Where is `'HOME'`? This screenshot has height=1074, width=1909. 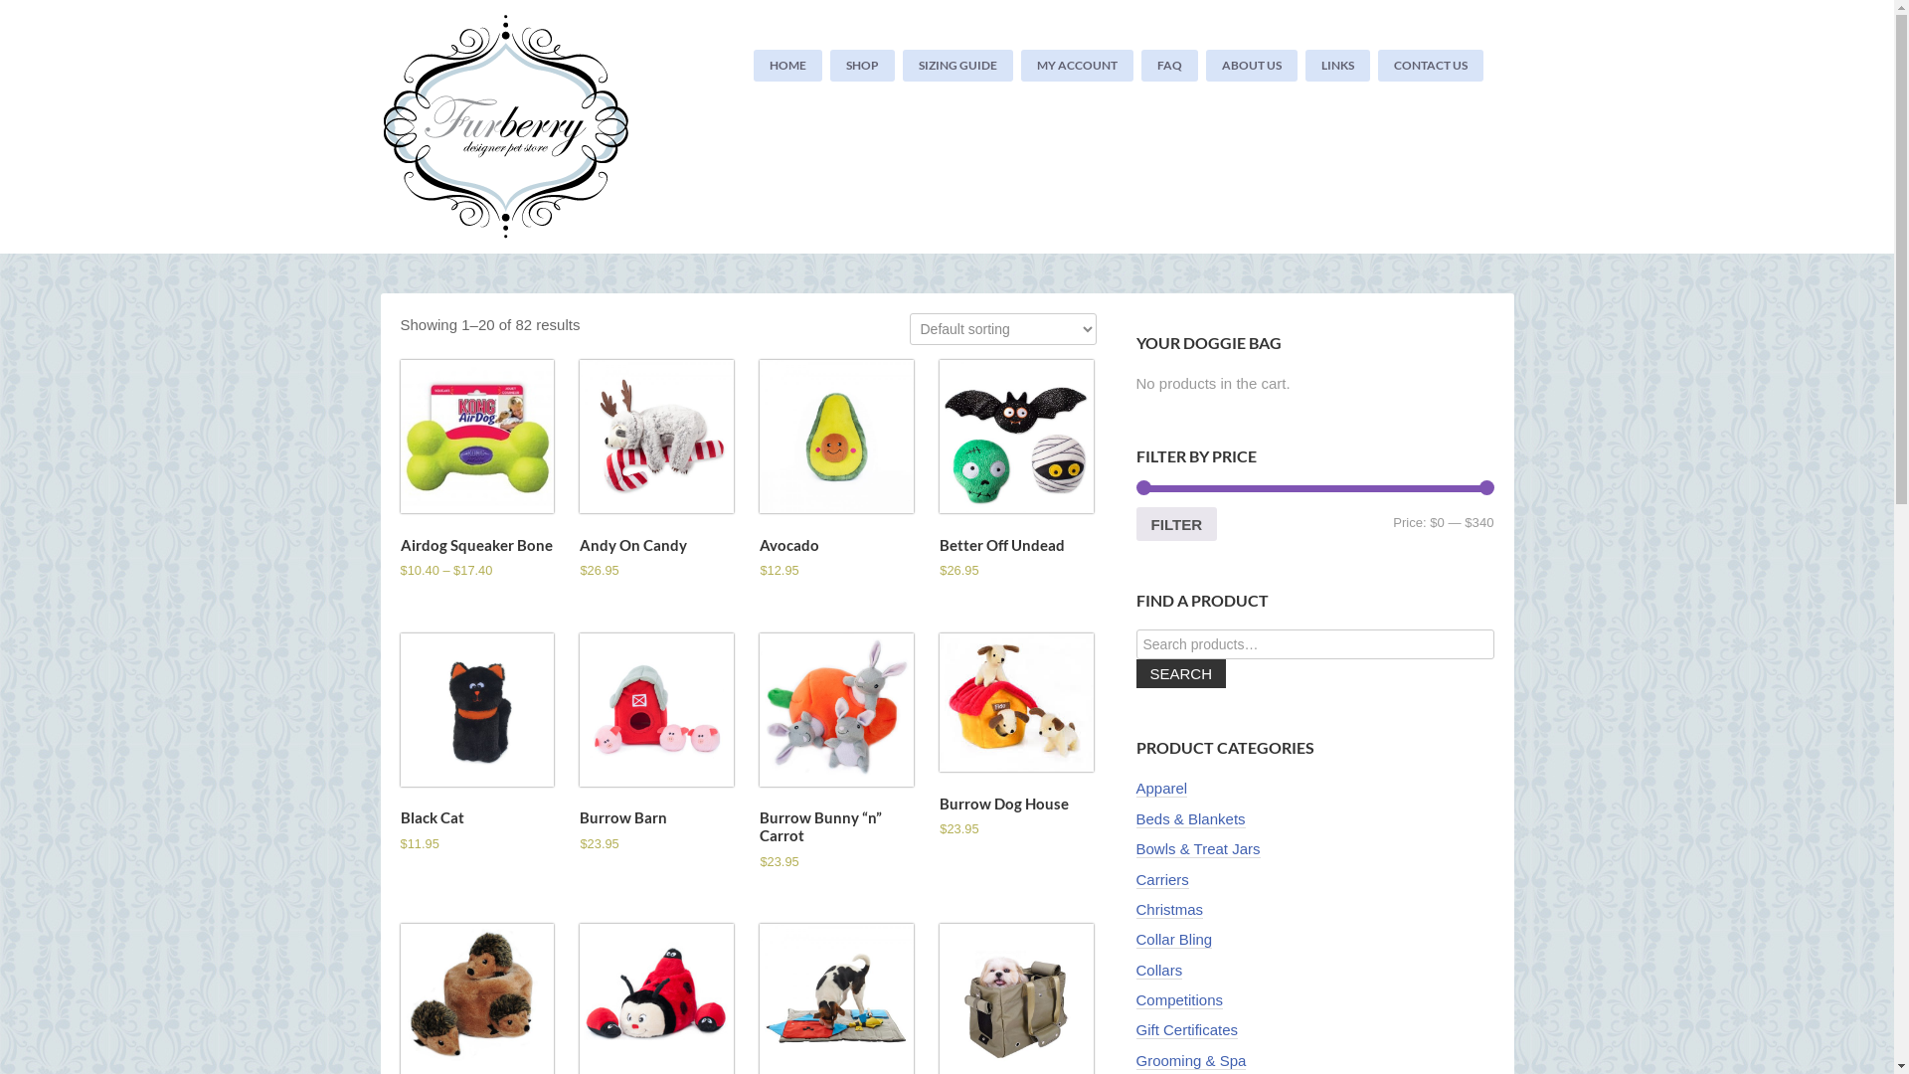 'HOME' is located at coordinates (786, 64).